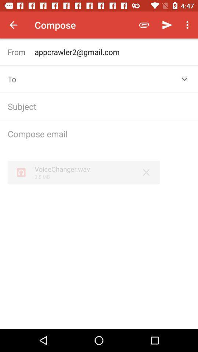 This screenshot has height=352, width=198. I want to click on icon above appcrawler2@gmail.com, so click(188, 25).